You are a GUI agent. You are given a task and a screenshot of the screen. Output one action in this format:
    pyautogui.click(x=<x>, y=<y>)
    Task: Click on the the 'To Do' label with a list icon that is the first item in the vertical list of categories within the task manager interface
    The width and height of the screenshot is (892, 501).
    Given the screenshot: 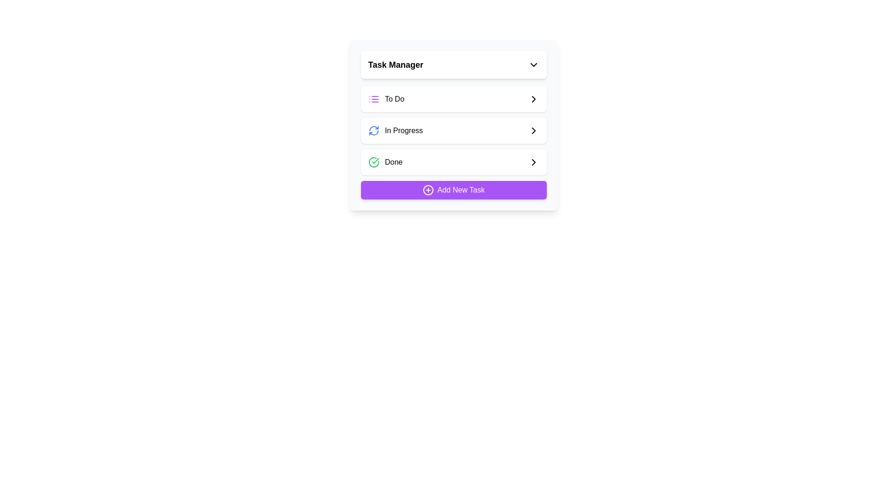 What is the action you would take?
    pyautogui.click(x=386, y=99)
    